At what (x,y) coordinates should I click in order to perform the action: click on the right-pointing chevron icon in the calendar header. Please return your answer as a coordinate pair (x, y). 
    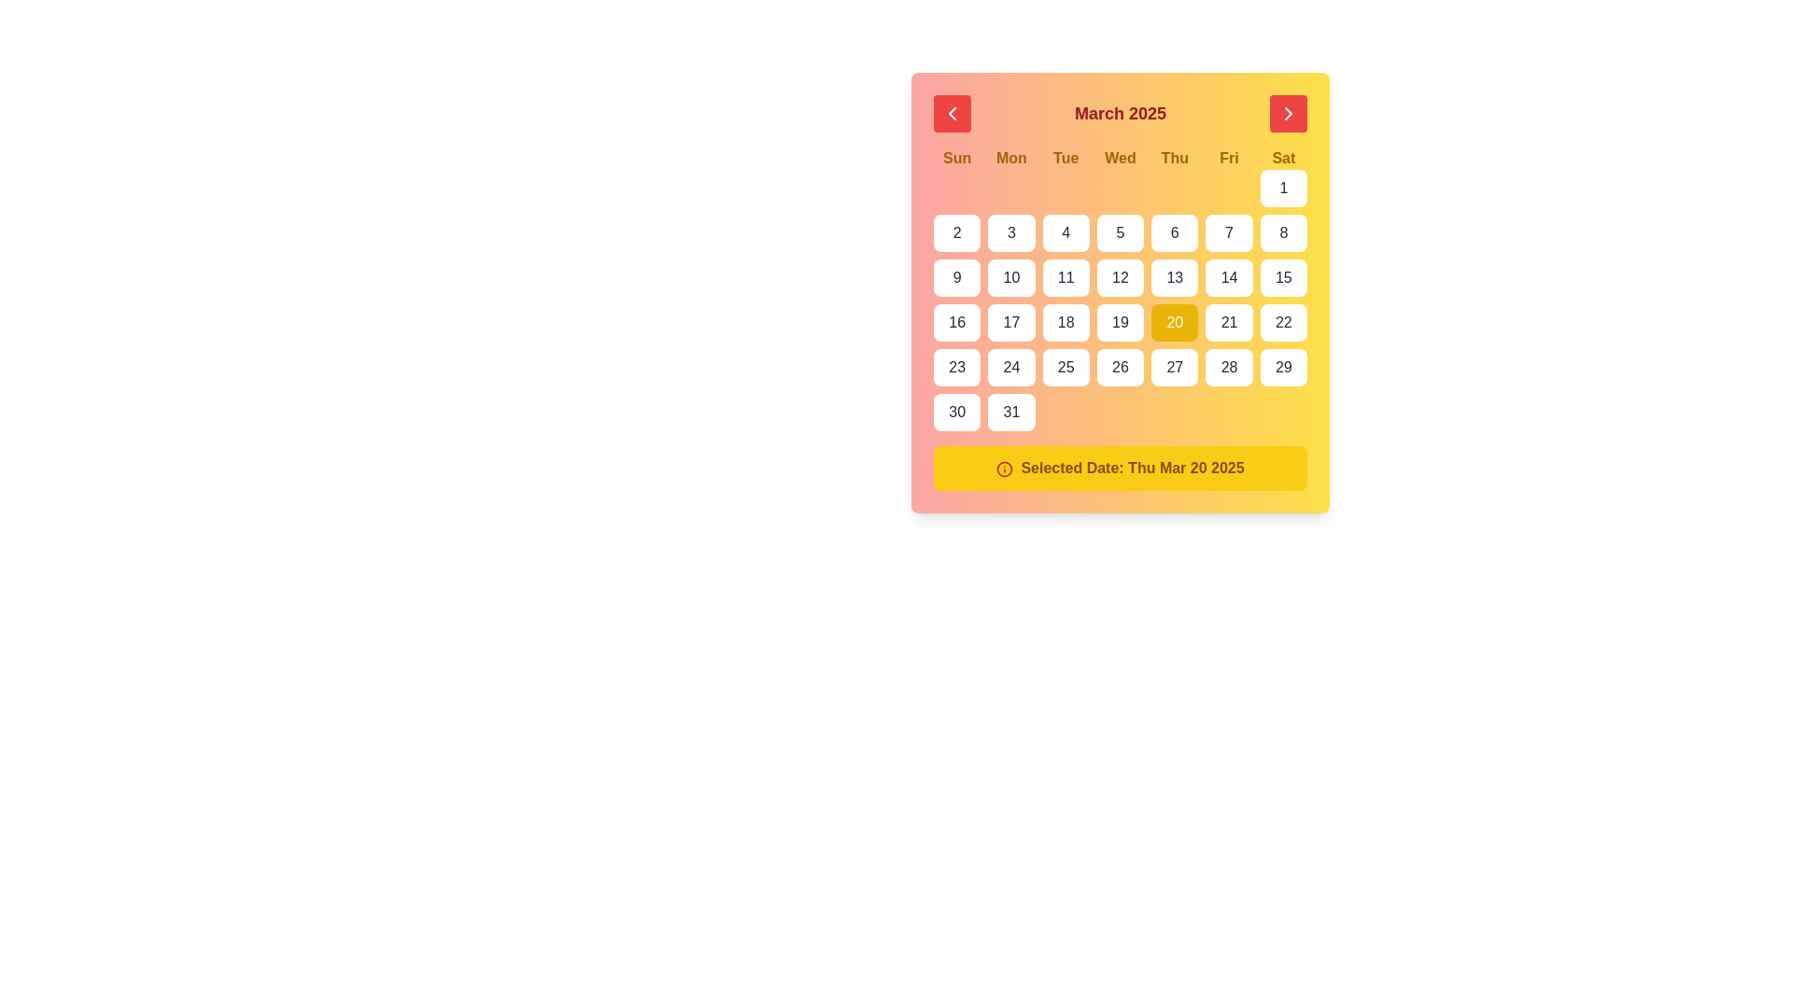
    Looking at the image, I should click on (1288, 114).